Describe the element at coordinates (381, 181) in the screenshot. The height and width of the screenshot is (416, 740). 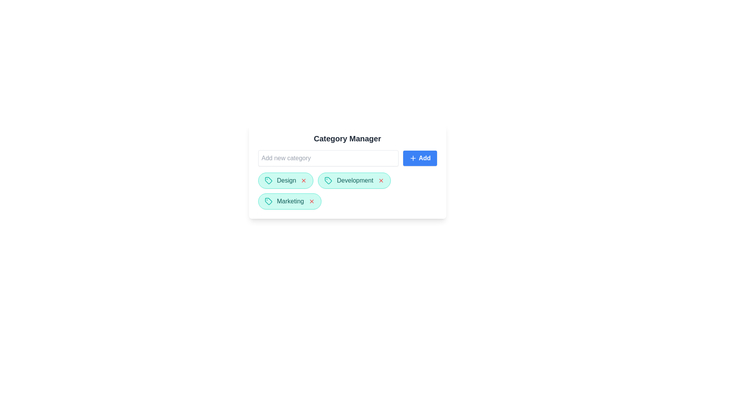
I see `'X' button on the category chip labeled 'Development'` at that location.